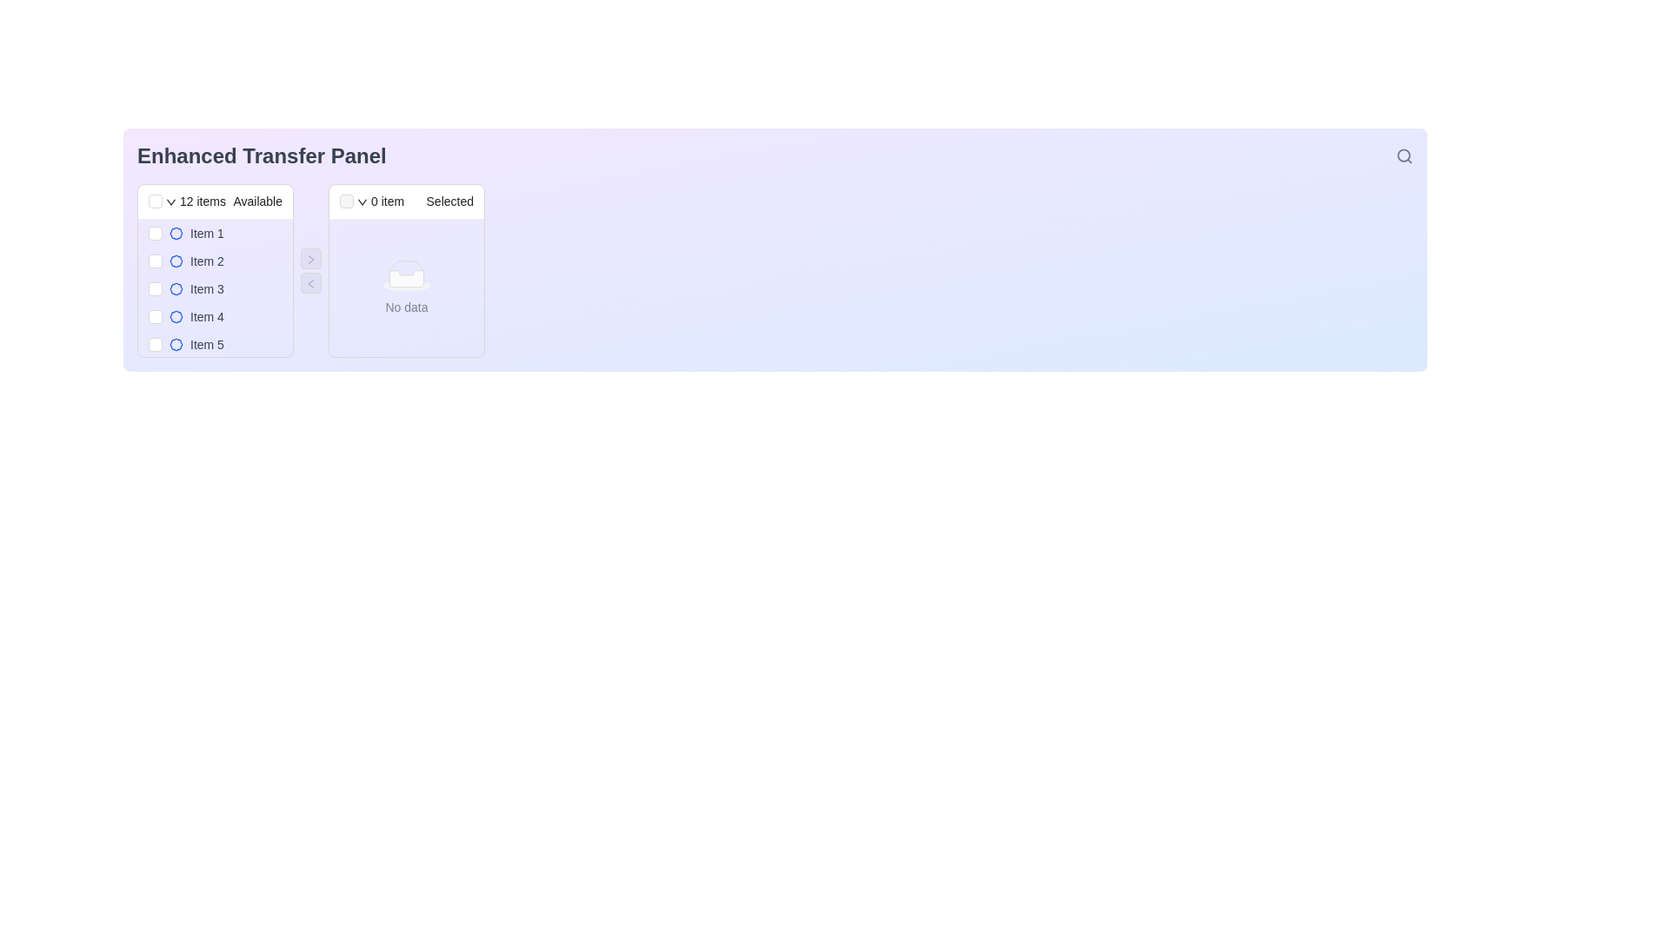  I want to click on the small rectangular placeholder element with a white background located in the middle-right section of the interface, specifically inside the 'Selected' items panel at the top center, so click(405, 277).